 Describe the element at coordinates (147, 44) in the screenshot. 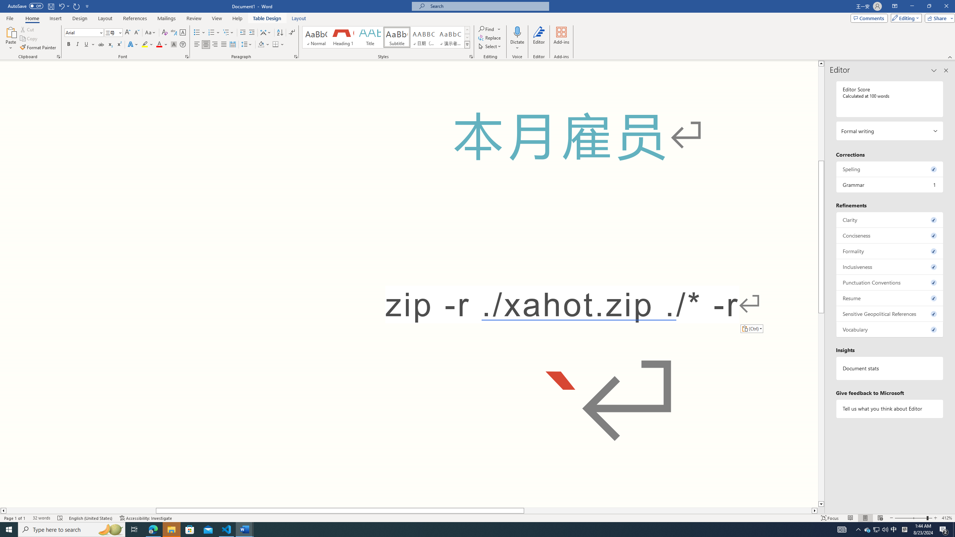

I see `'Text Highlight Color'` at that location.